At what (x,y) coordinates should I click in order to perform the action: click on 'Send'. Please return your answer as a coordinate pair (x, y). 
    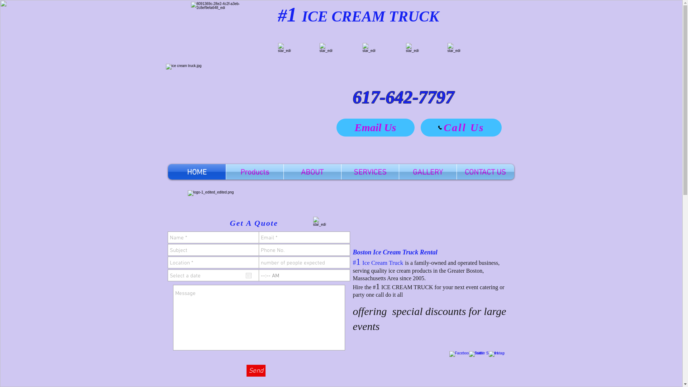
    Looking at the image, I should click on (246, 371).